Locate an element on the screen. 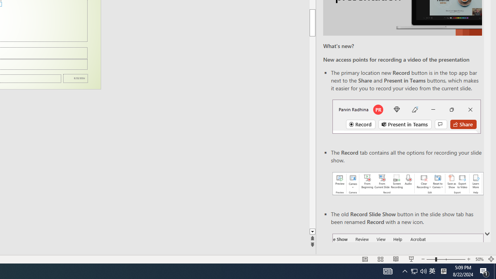 The image size is (496, 279). 'Record your presentations screenshot one' is located at coordinates (407, 184).